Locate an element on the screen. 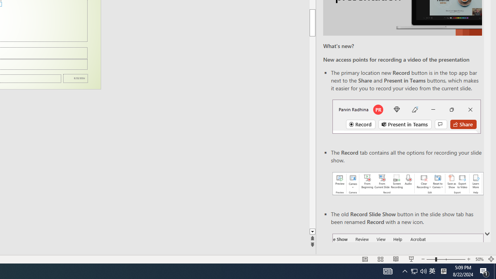 The image size is (496, 279). 'Record your presentations screenshot one' is located at coordinates (407, 184).